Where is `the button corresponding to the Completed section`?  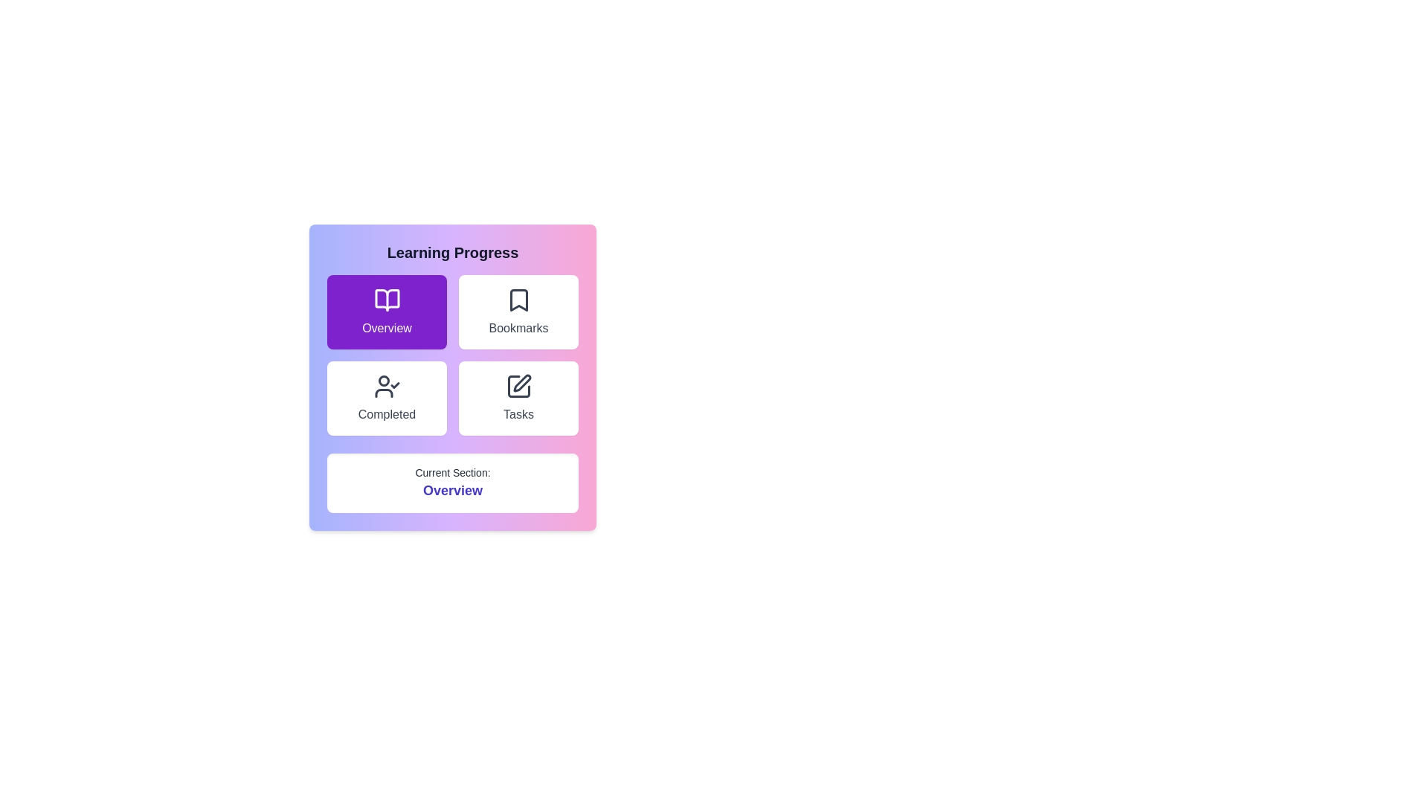
the button corresponding to the Completed section is located at coordinates (387, 398).